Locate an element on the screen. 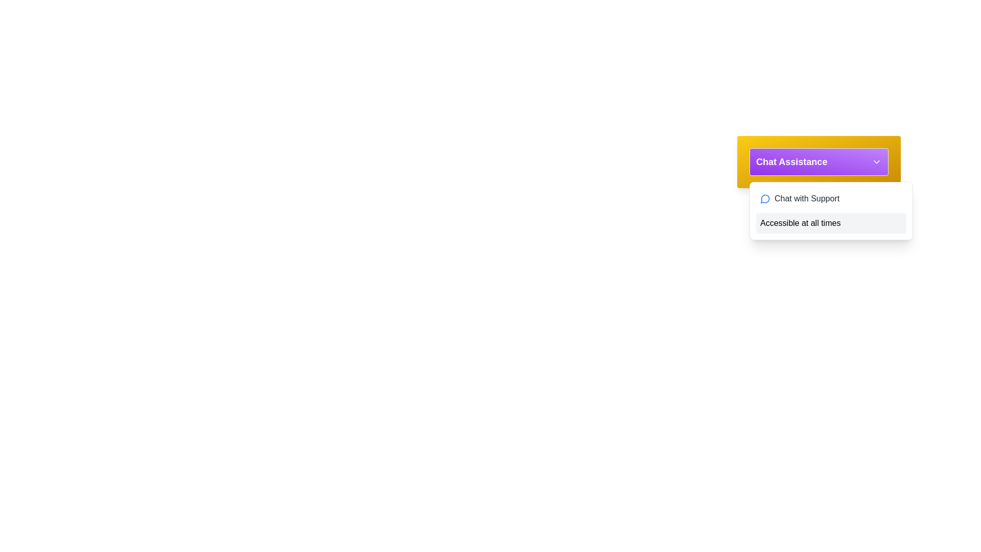  the 'Chat with Support' button, which features a speech bubble icon and is styled with a blue icon and gray text is located at coordinates (831, 199).